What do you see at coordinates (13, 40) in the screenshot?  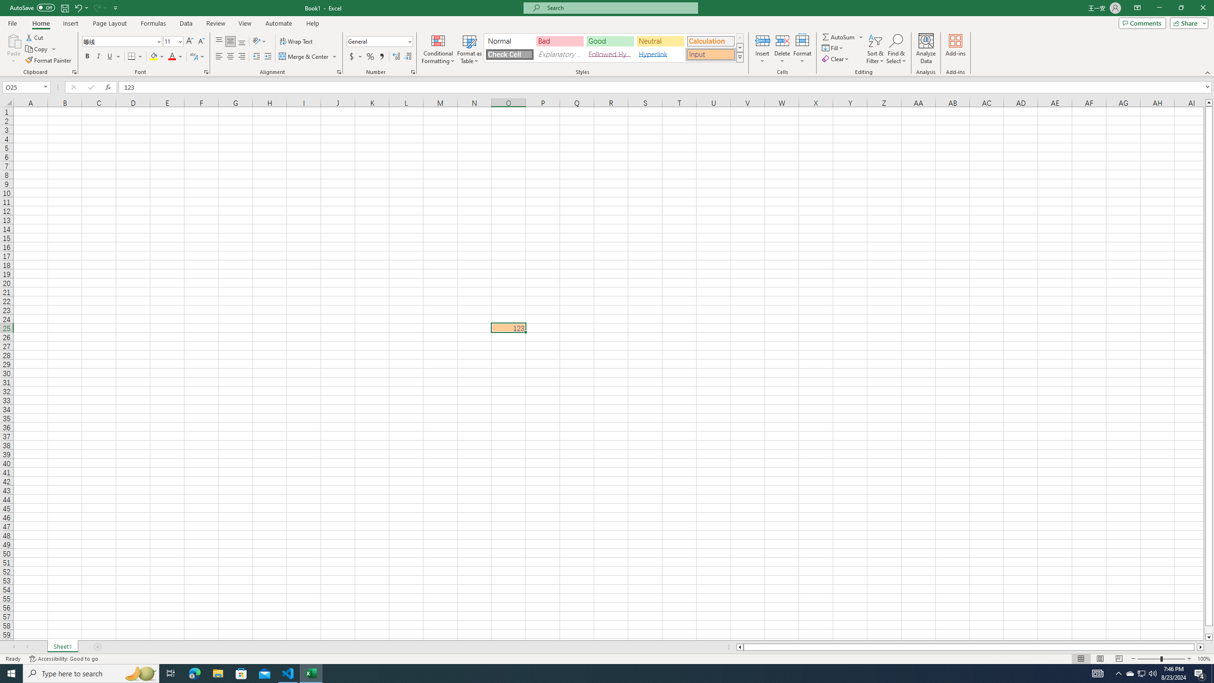 I see `'Paste'` at bounding box center [13, 40].